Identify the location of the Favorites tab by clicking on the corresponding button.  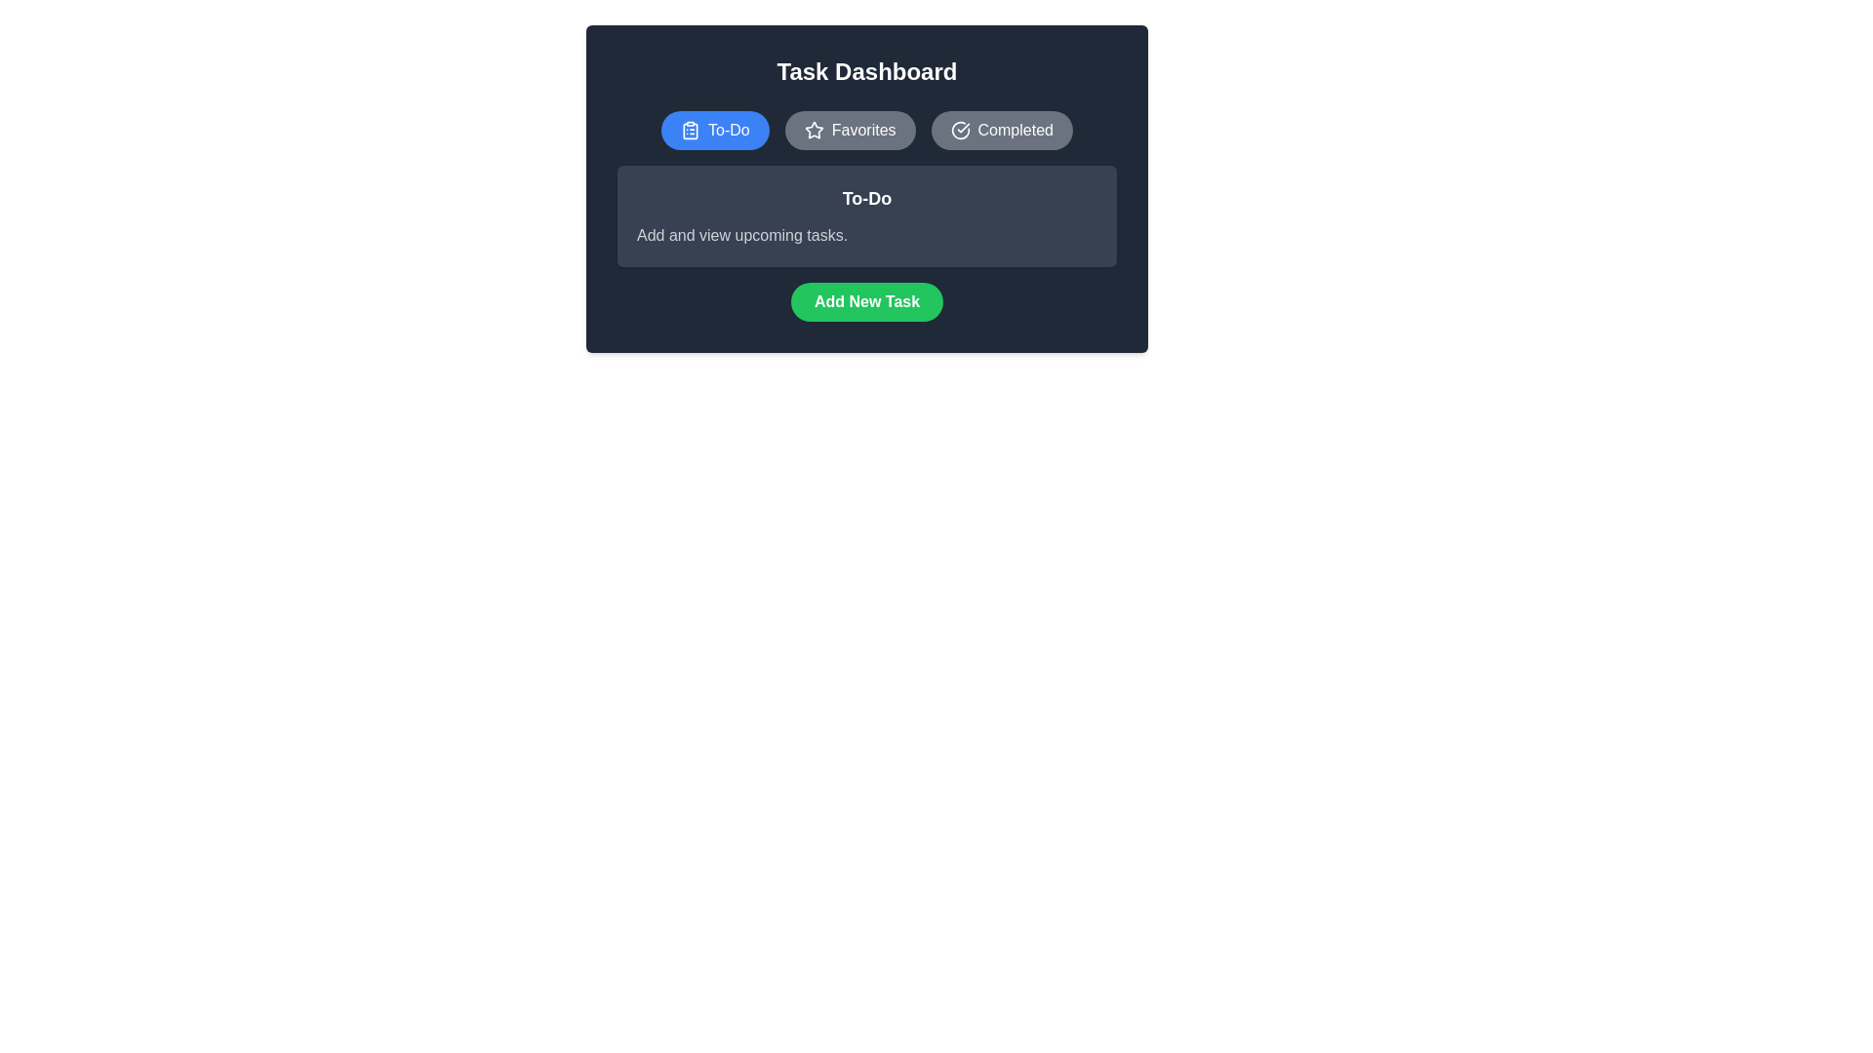
(849, 131).